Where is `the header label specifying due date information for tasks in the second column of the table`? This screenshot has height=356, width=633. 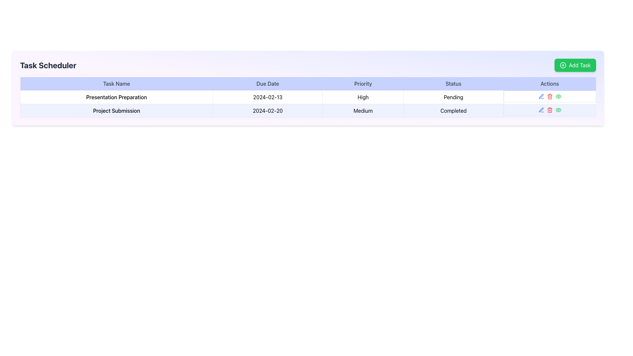 the header label specifying due date information for tasks in the second column of the table is located at coordinates (268, 83).